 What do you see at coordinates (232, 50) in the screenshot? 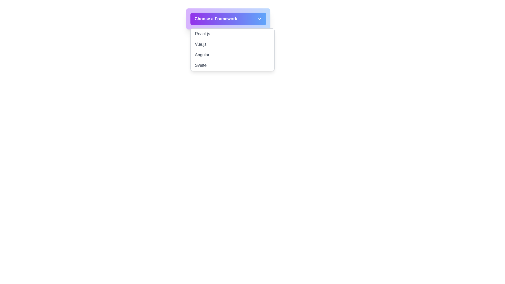
I see `the Dropdown menu that displays options for frameworks including 'React.js', 'Vue.js', 'Angular', and 'Svelte'` at bounding box center [232, 50].